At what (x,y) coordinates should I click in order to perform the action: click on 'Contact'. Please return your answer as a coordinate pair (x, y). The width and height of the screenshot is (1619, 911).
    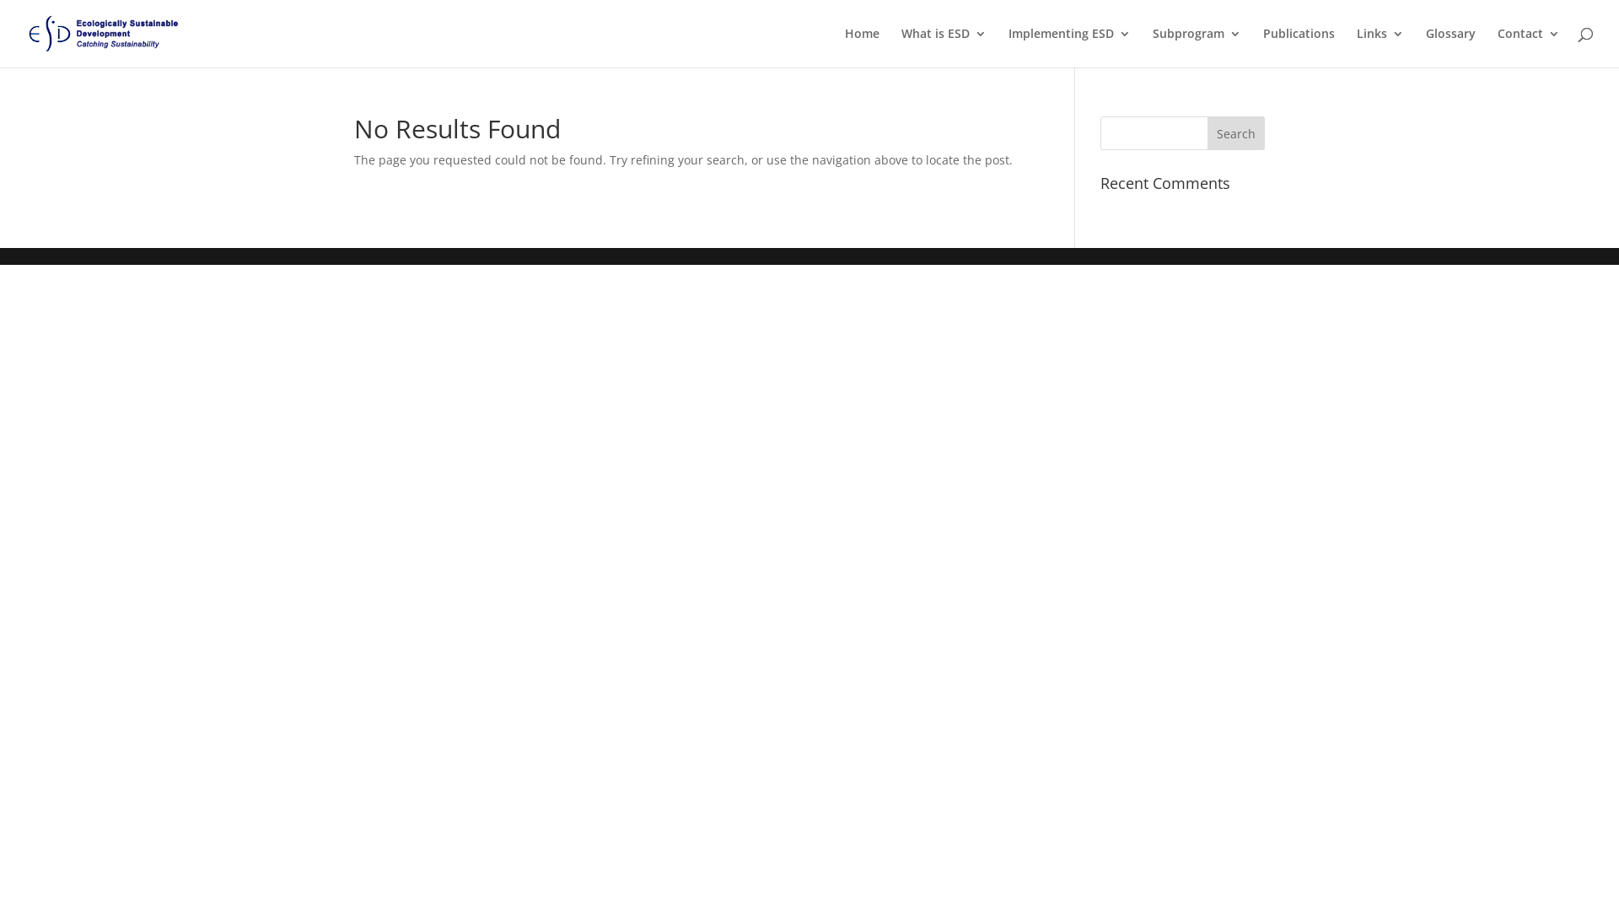
    Looking at the image, I should click on (1529, 46).